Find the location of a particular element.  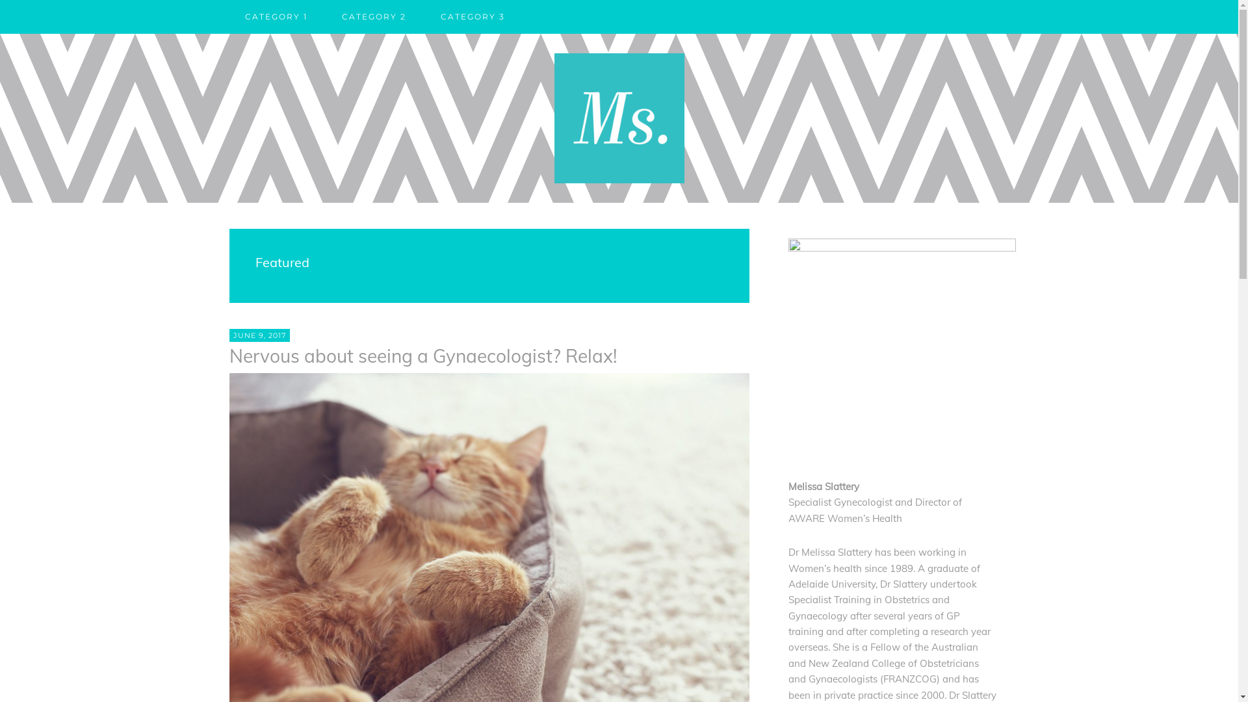

'Skip to primary navigation' is located at coordinates (0, 33).